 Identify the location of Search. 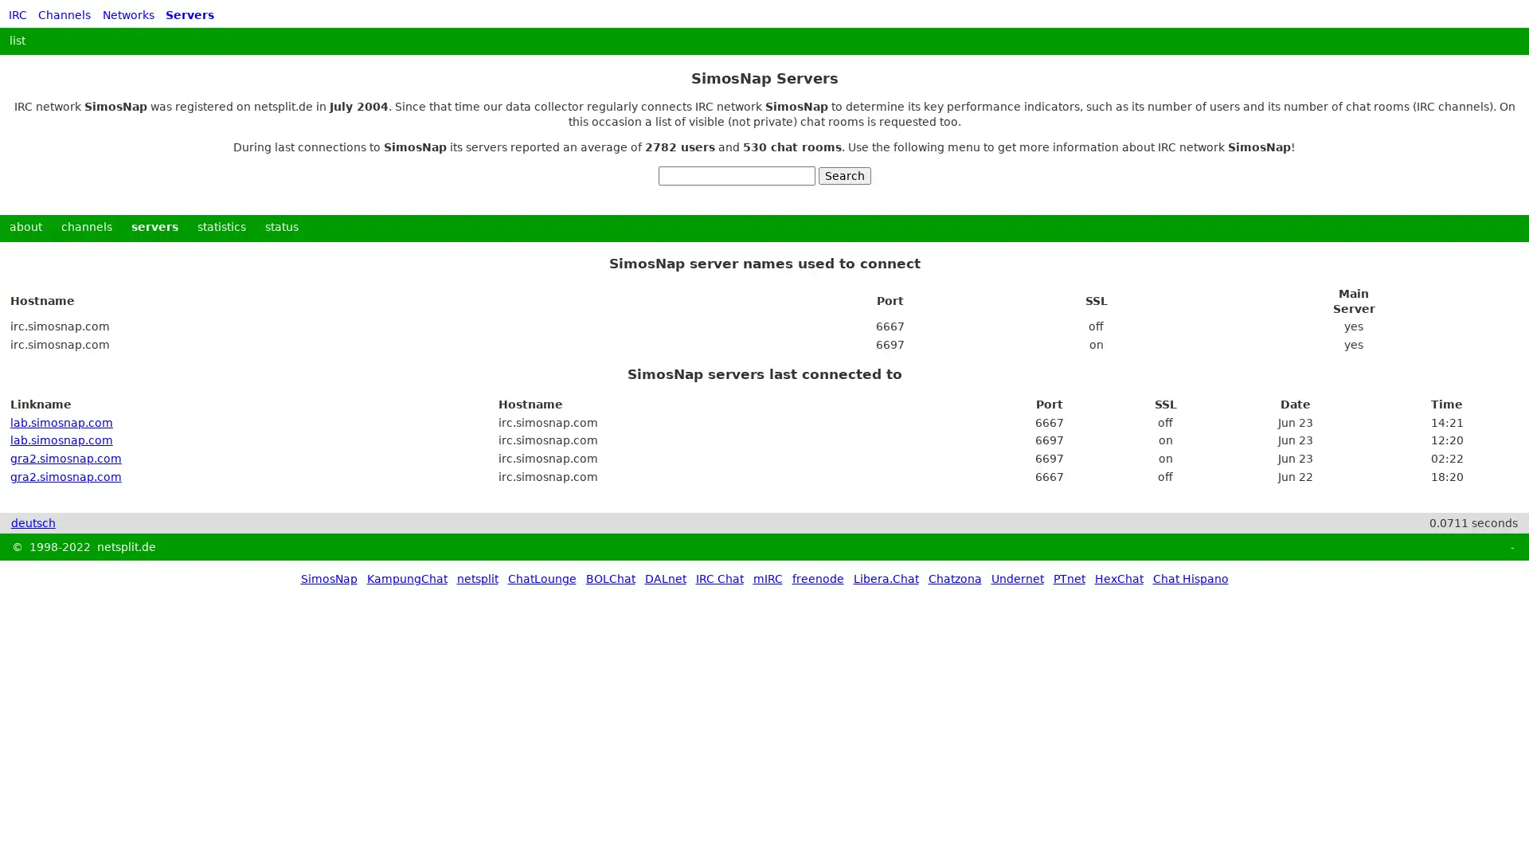
(843, 174).